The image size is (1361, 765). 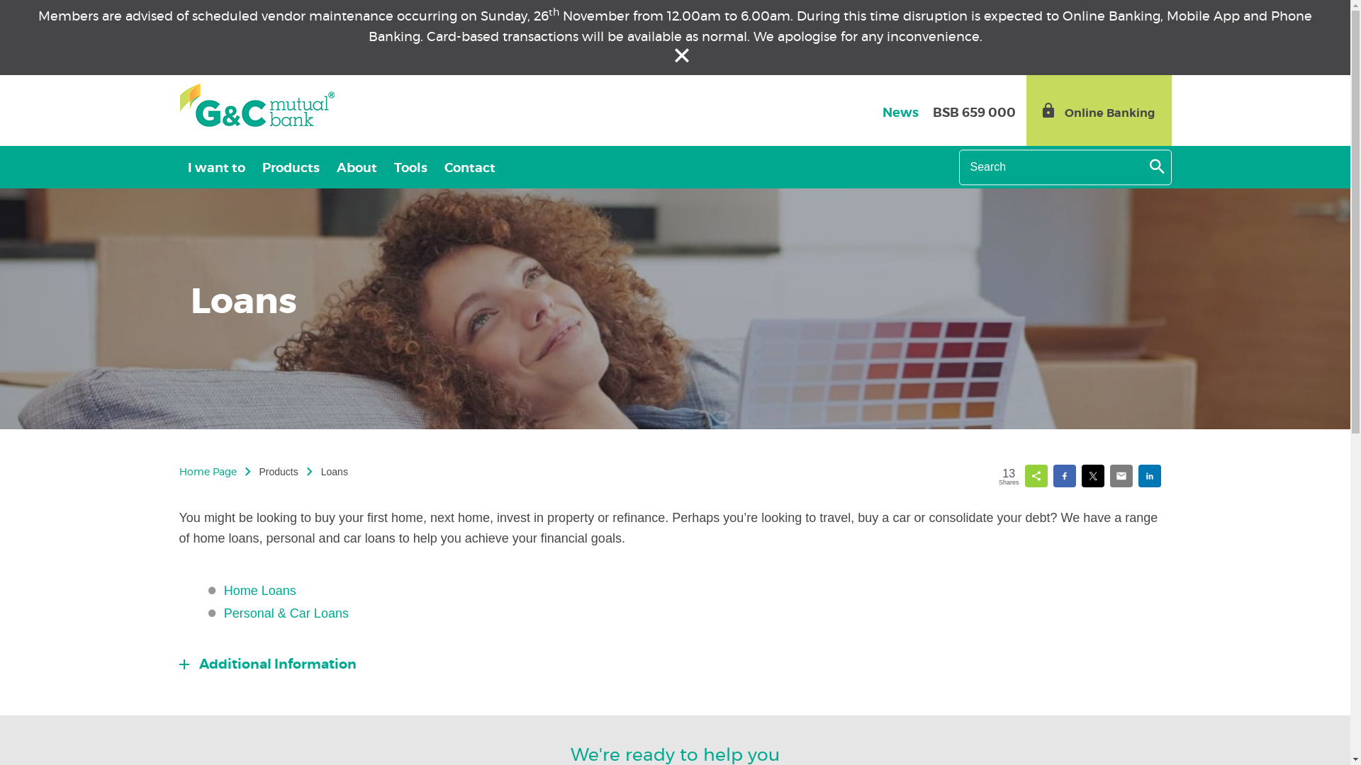 What do you see at coordinates (356, 166) in the screenshot?
I see `'About'` at bounding box center [356, 166].